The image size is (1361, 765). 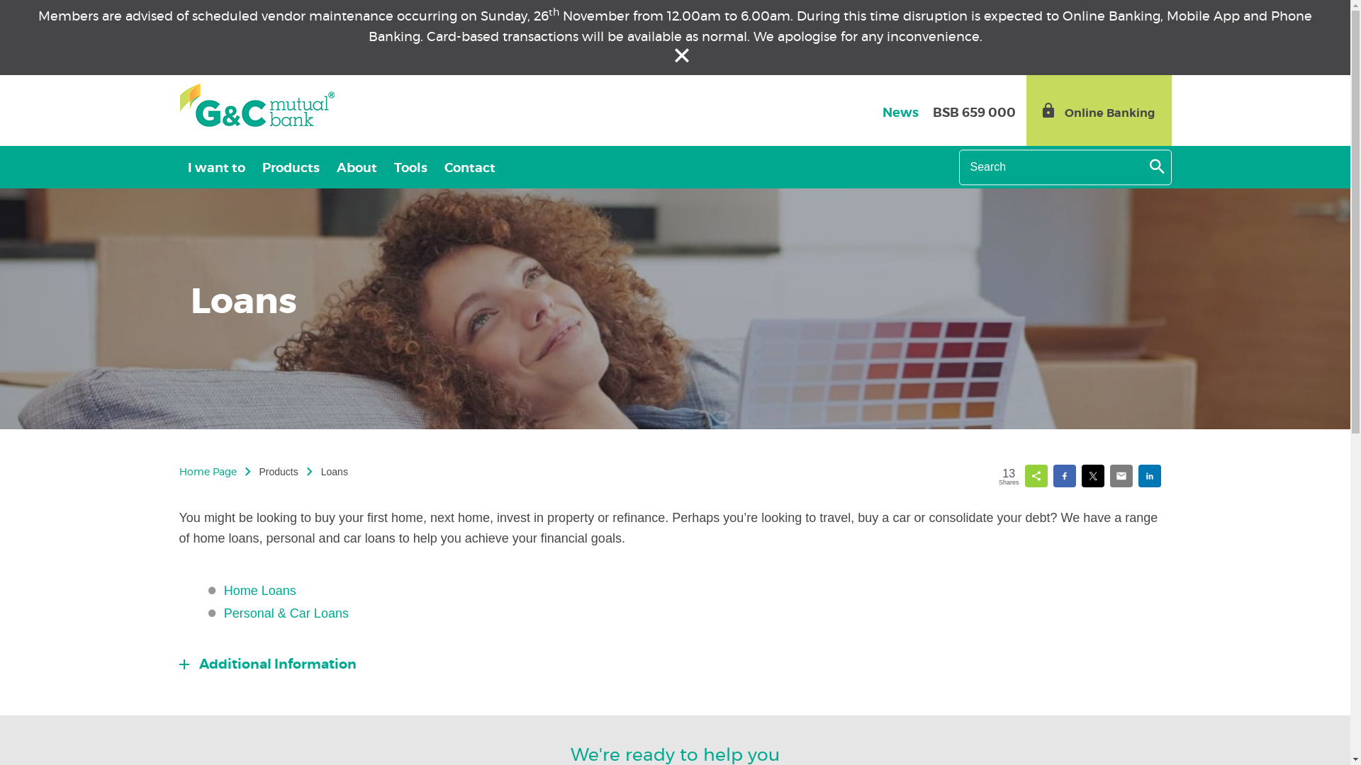 What do you see at coordinates (356, 166) in the screenshot?
I see `'About'` at bounding box center [356, 166].